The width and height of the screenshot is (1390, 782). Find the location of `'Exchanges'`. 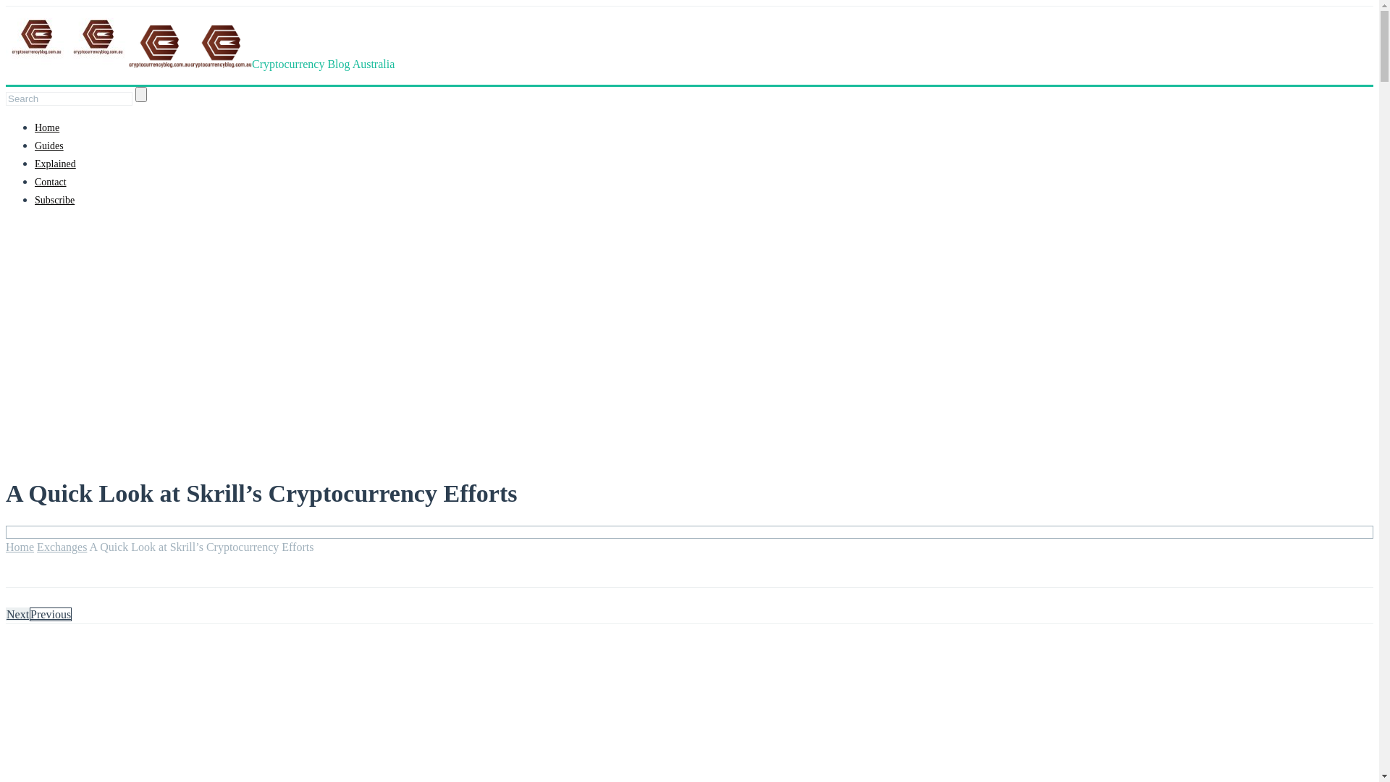

'Exchanges' is located at coordinates (61, 547).